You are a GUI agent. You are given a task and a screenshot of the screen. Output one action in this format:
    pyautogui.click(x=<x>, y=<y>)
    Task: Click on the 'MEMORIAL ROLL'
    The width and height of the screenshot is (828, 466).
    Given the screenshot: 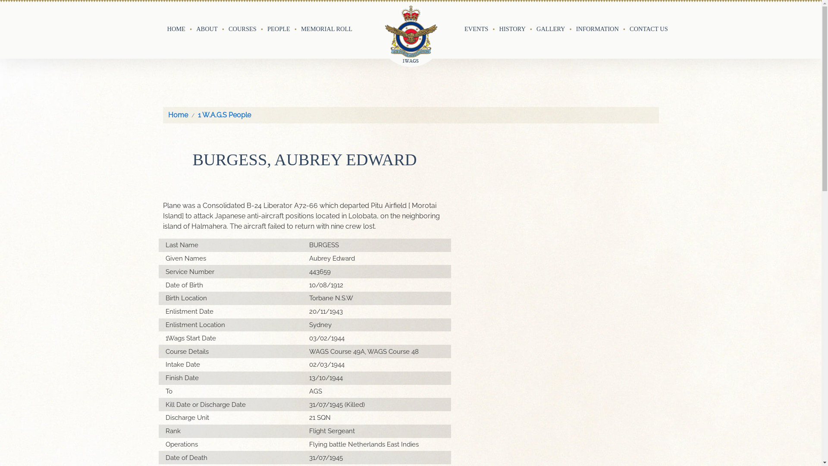 What is the action you would take?
    pyautogui.click(x=326, y=28)
    